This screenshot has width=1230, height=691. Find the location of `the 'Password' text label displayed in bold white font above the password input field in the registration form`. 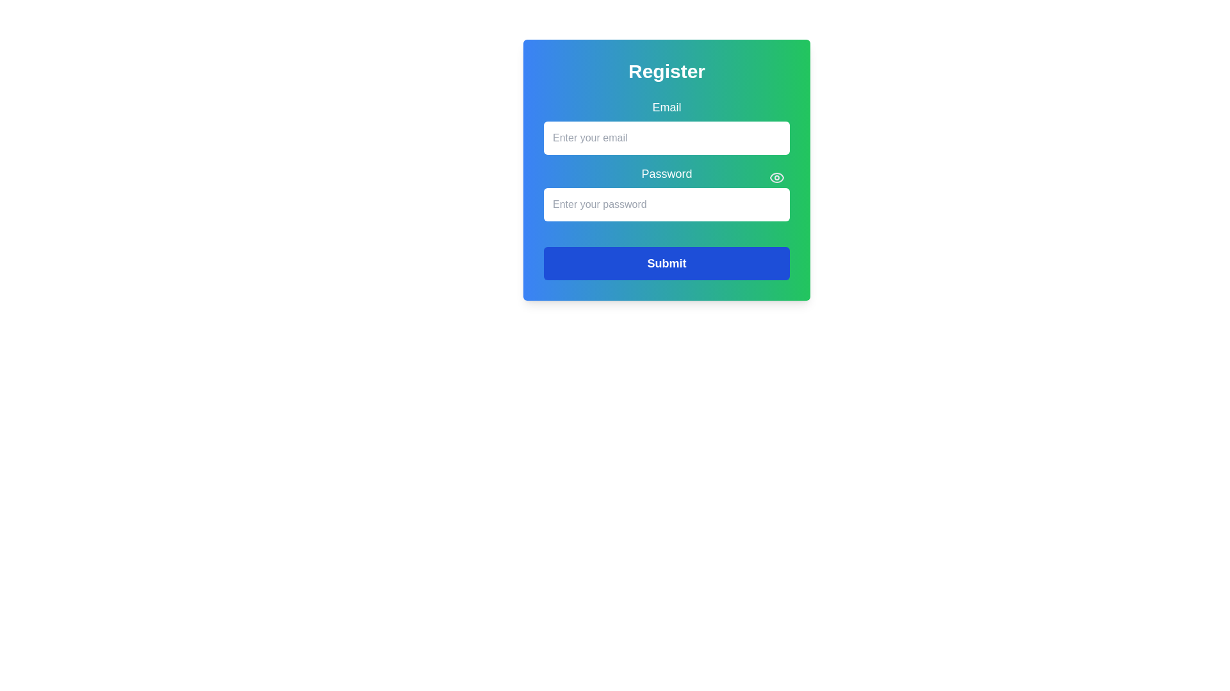

the 'Password' text label displayed in bold white font above the password input field in the registration form is located at coordinates (666, 174).